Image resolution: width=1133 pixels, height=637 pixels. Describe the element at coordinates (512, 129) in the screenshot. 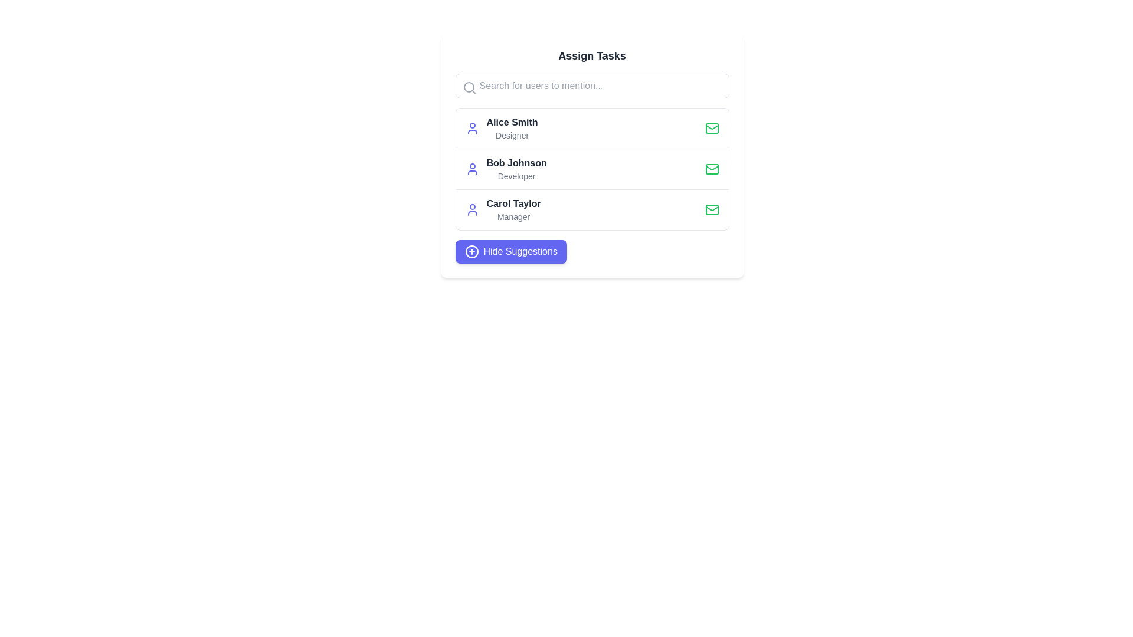

I see `text display element showing the user's full name 'Alice Smith' and title 'Designer', which is the first entry in a vertically stacked list within a card` at that location.